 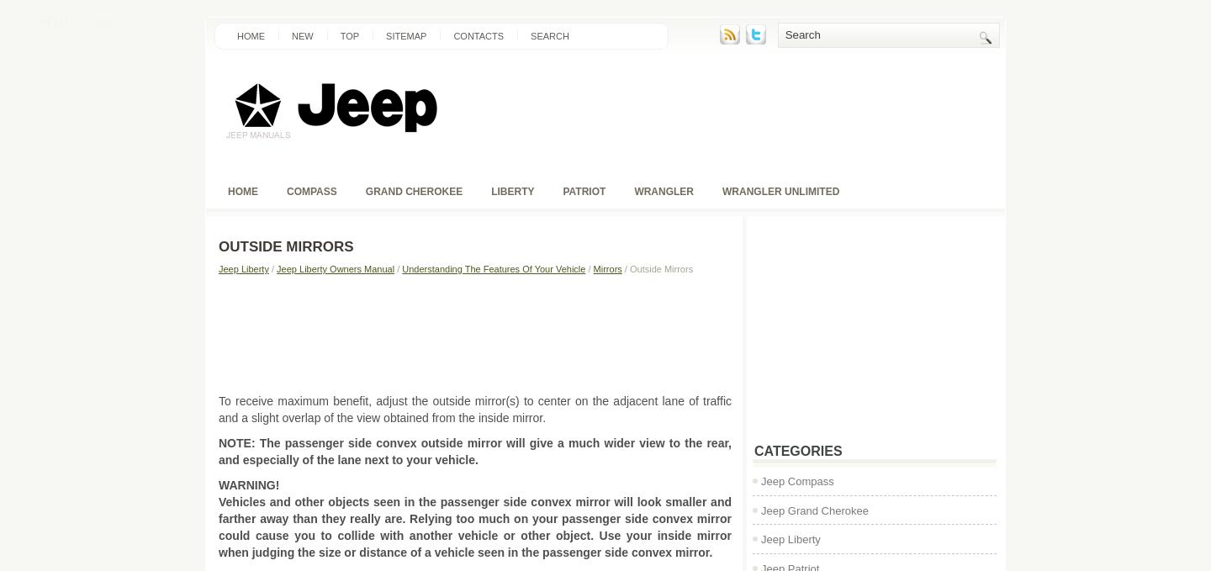 What do you see at coordinates (335, 268) in the screenshot?
I see `'Jeep Liberty Owners Manual'` at bounding box center [335, 268].